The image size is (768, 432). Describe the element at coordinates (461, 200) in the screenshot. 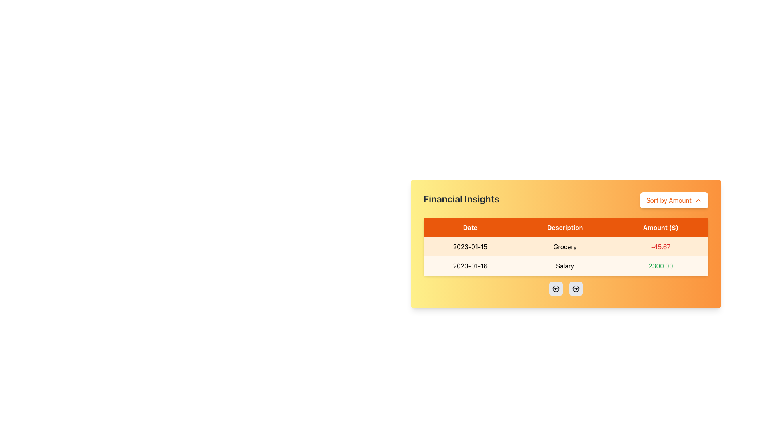

I see `the text label that serves as a title or header for financial information, located at the beginning of the header section` at that location.